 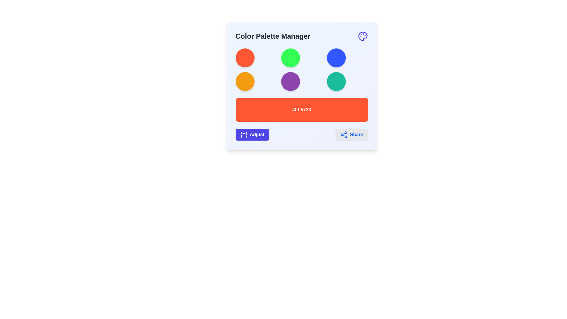 I want to click on the circular purple button in the second row and second column of the grid, so click(x=291, y=82).